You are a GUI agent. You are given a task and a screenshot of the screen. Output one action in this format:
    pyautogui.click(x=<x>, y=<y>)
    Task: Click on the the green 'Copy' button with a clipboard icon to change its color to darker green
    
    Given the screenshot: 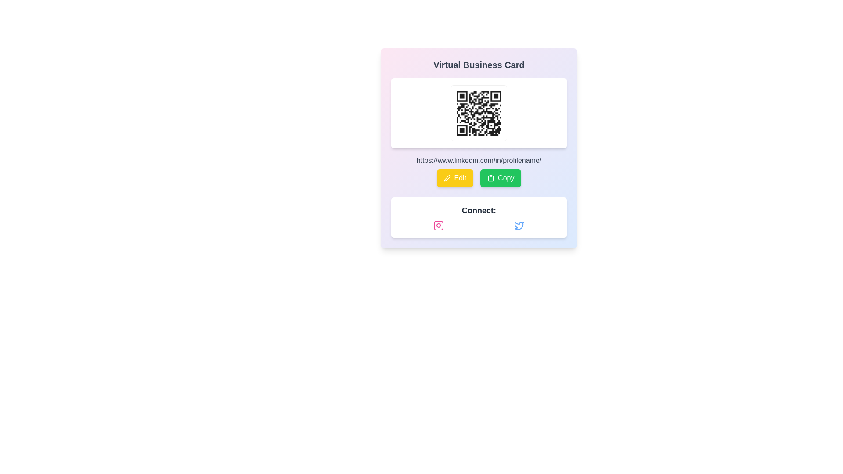 What is the action you would take?
    pyautogui.click(x=501, y=178)
    